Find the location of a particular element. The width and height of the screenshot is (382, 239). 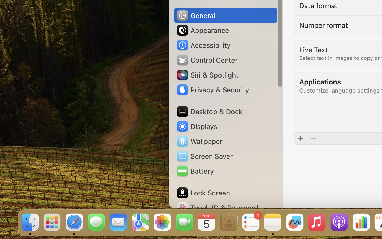

'Siri & Spotlight' is located at coordinates (207, 74).